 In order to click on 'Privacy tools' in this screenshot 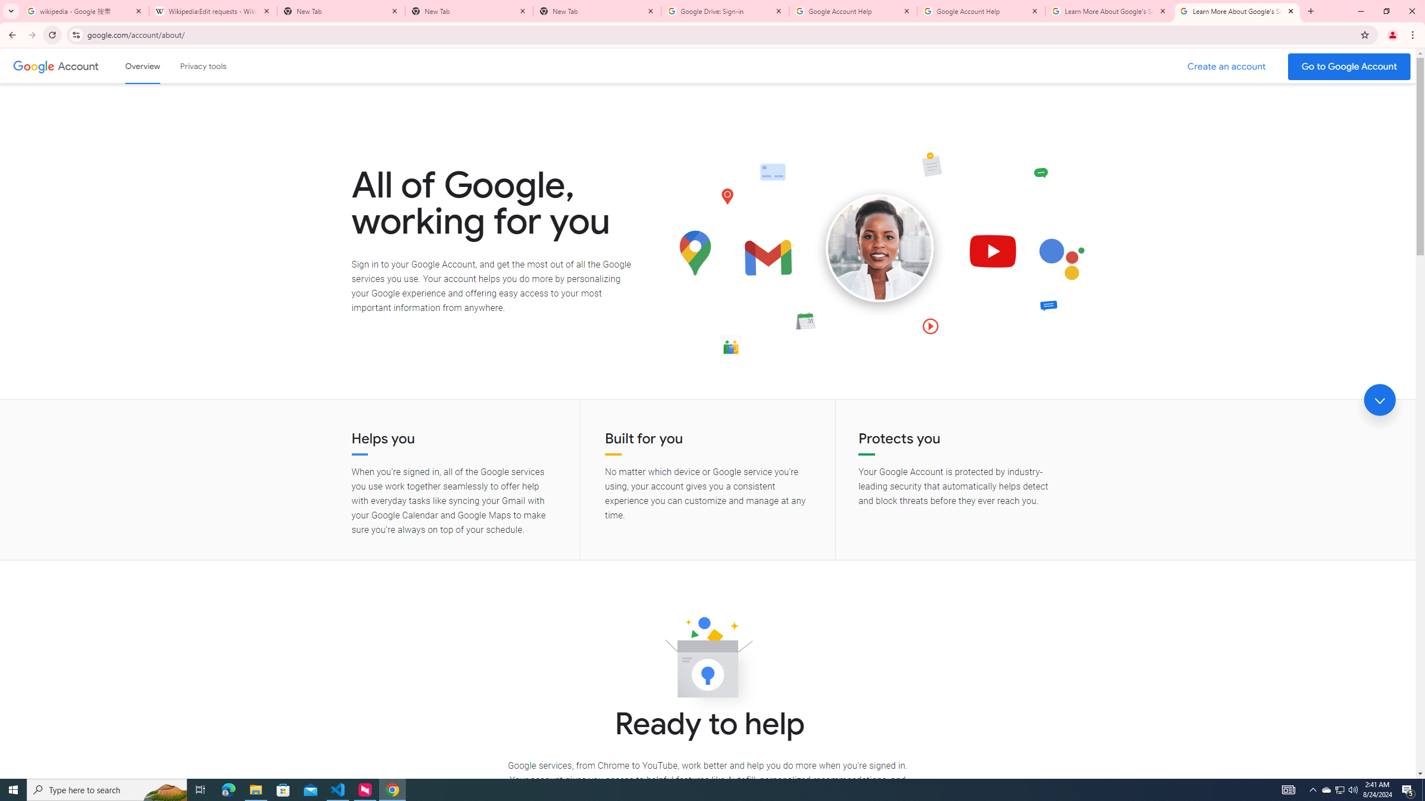, I will do `click(202, 66)`.